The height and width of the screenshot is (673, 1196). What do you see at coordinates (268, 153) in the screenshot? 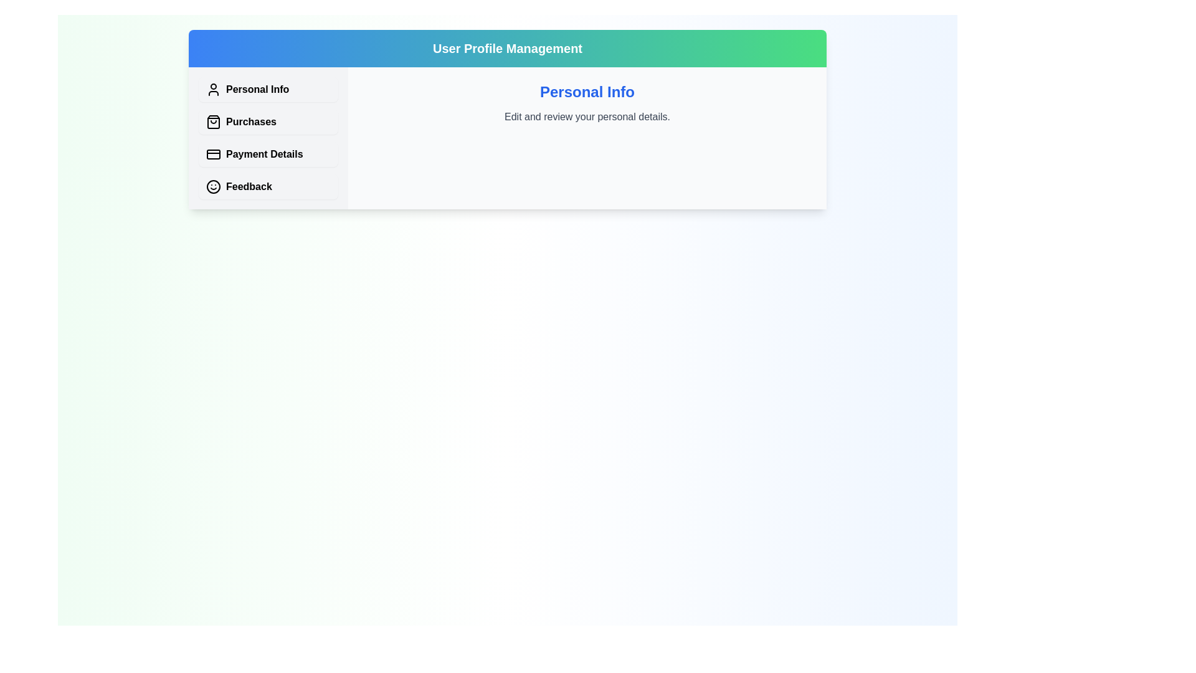
I see `the tab corresponding to Payment Details to view its content` at bounding box center [268, 153].